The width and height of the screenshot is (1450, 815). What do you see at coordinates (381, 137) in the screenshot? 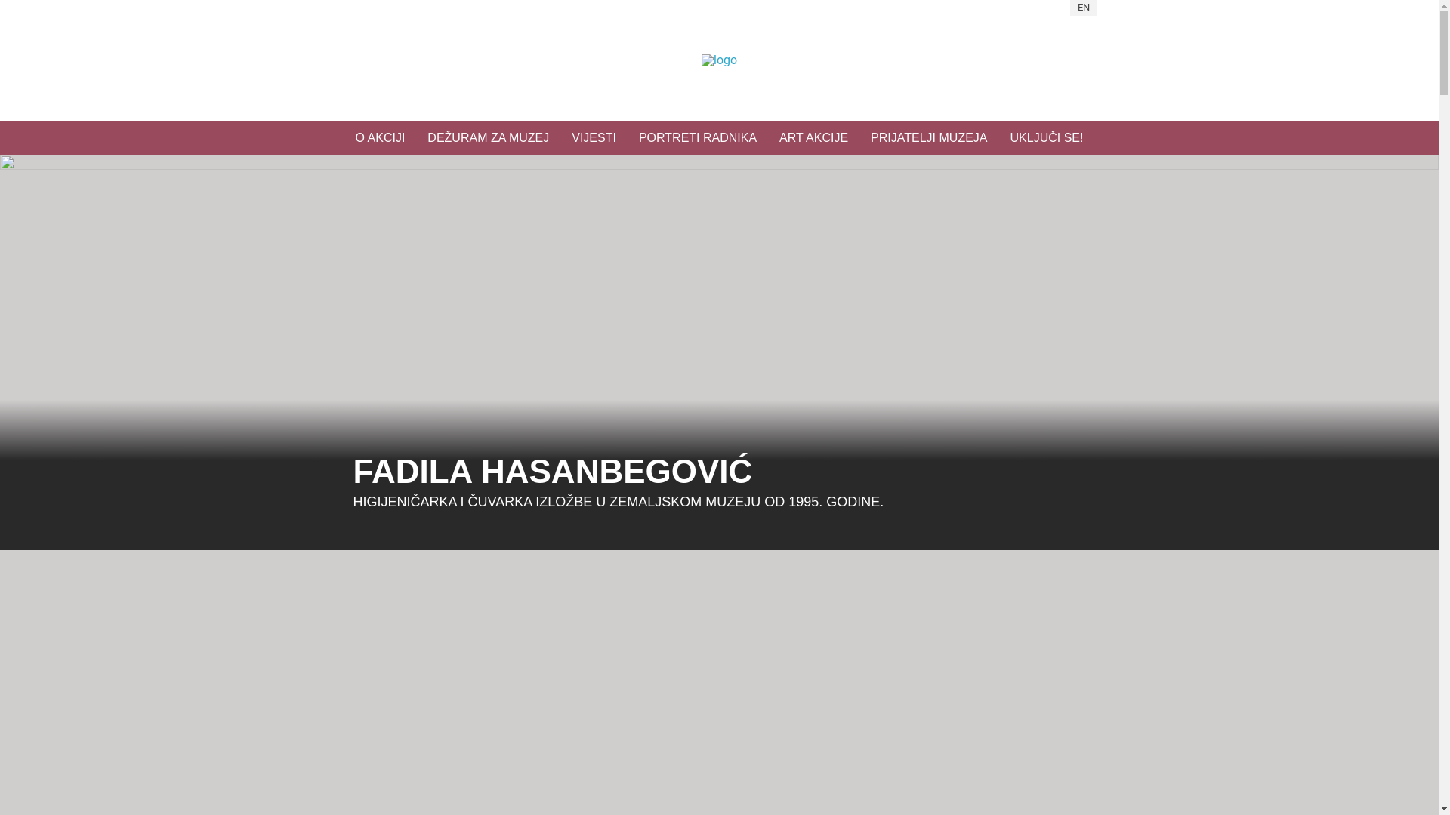
I see `'O AKCIJI'` at bounding box center [381, 137].